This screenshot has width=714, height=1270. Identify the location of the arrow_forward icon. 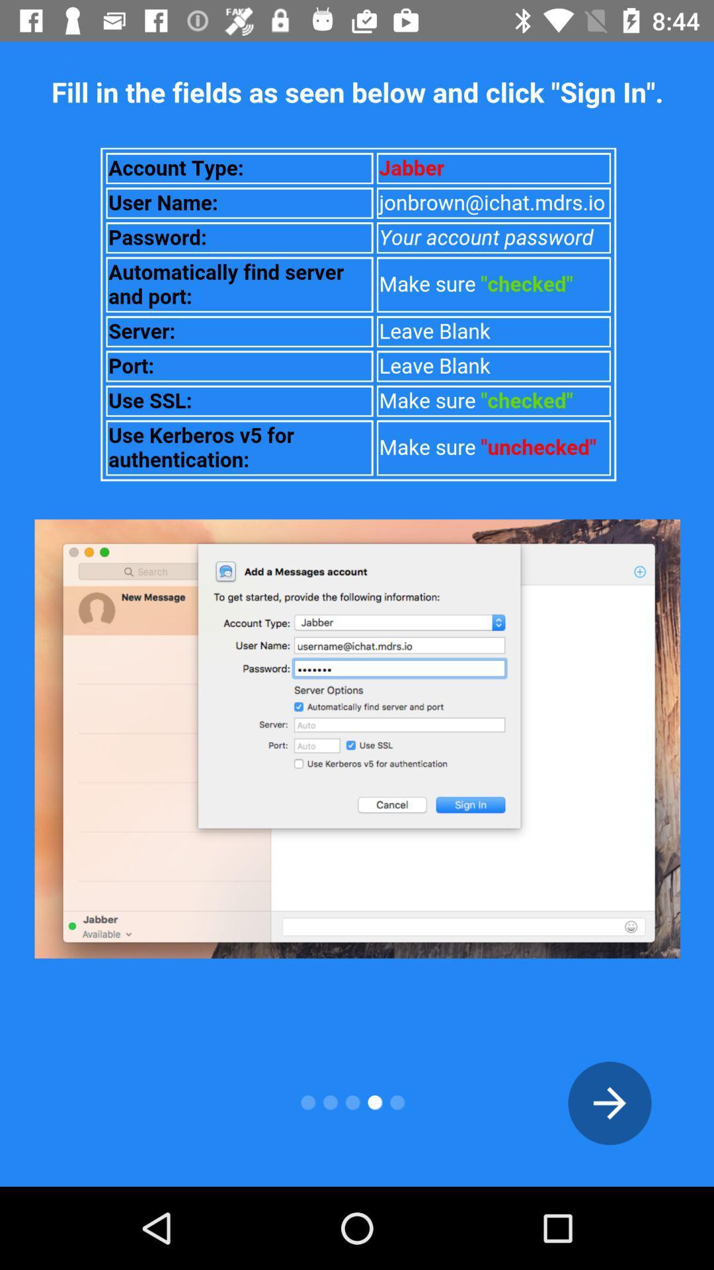
(610, 1103).